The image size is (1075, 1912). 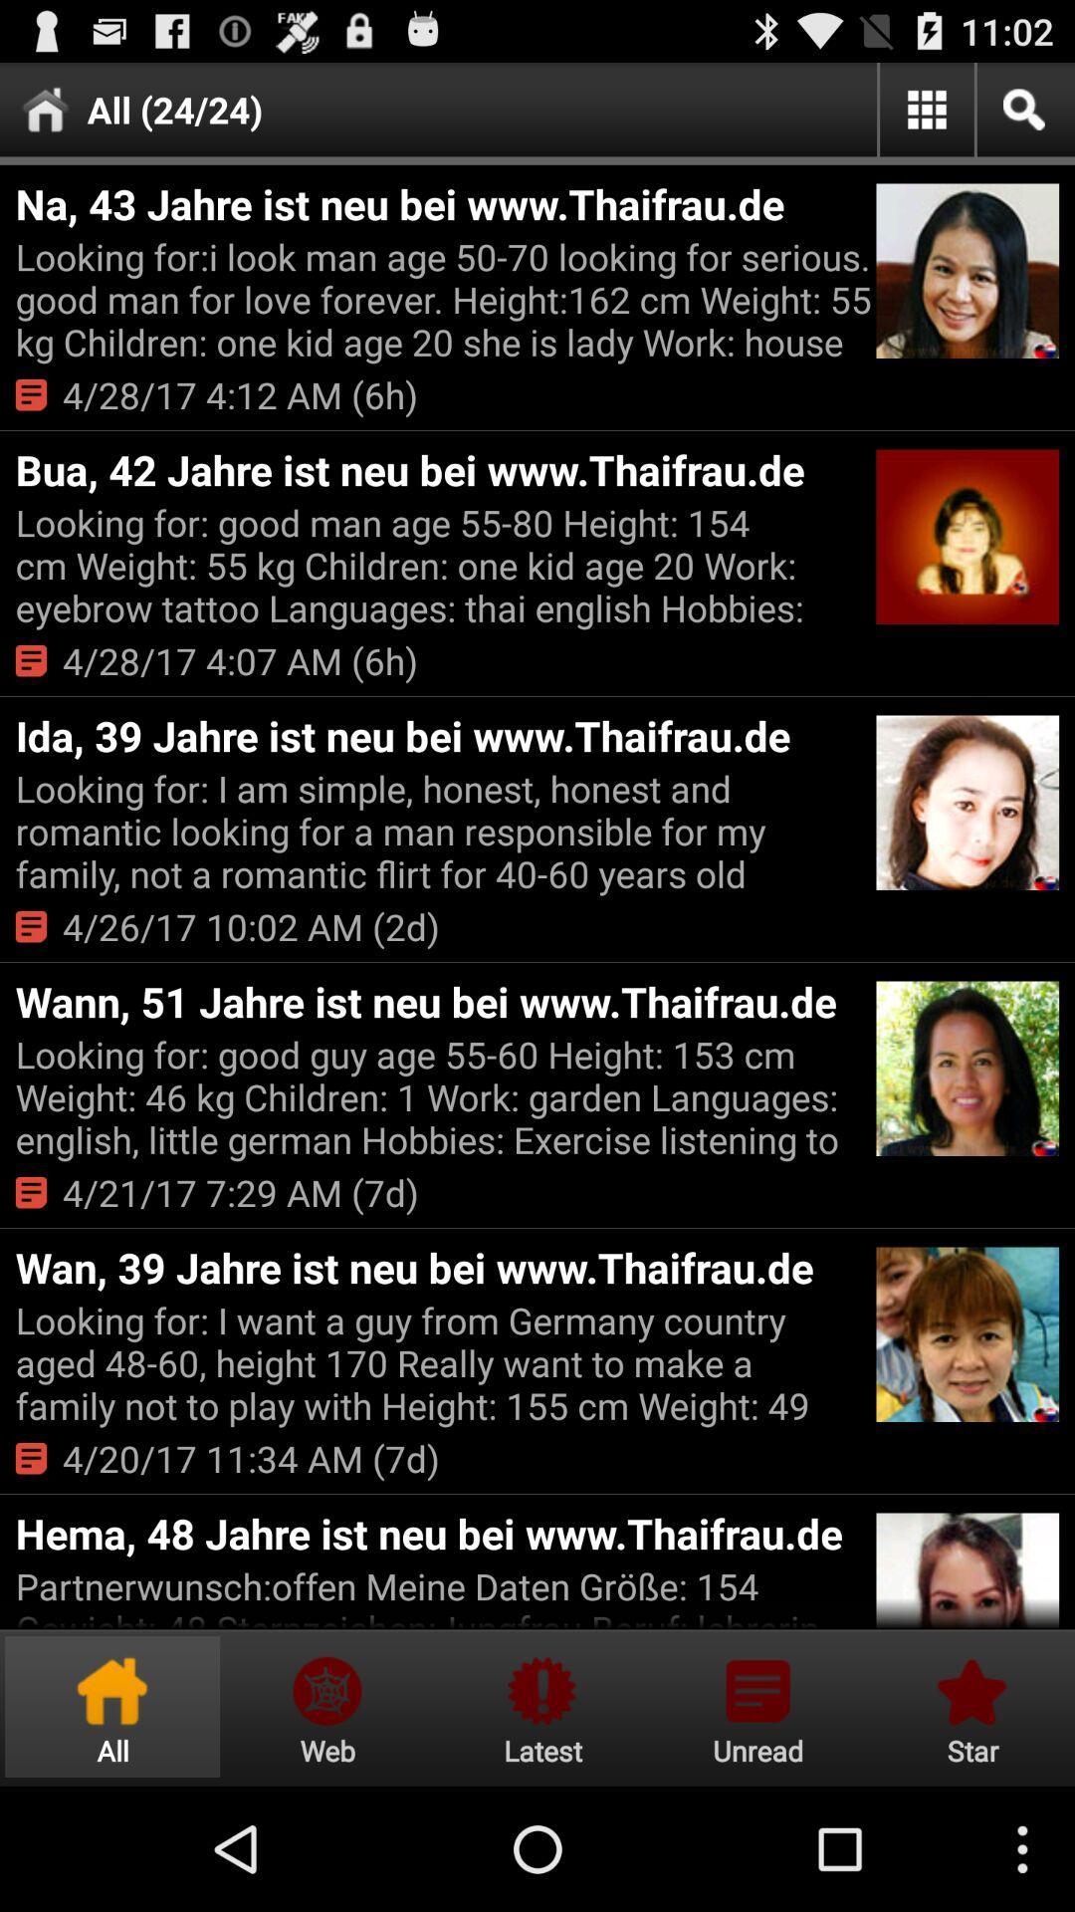 I want to click on the app above the looking for good, so click(x=442, y=1001).